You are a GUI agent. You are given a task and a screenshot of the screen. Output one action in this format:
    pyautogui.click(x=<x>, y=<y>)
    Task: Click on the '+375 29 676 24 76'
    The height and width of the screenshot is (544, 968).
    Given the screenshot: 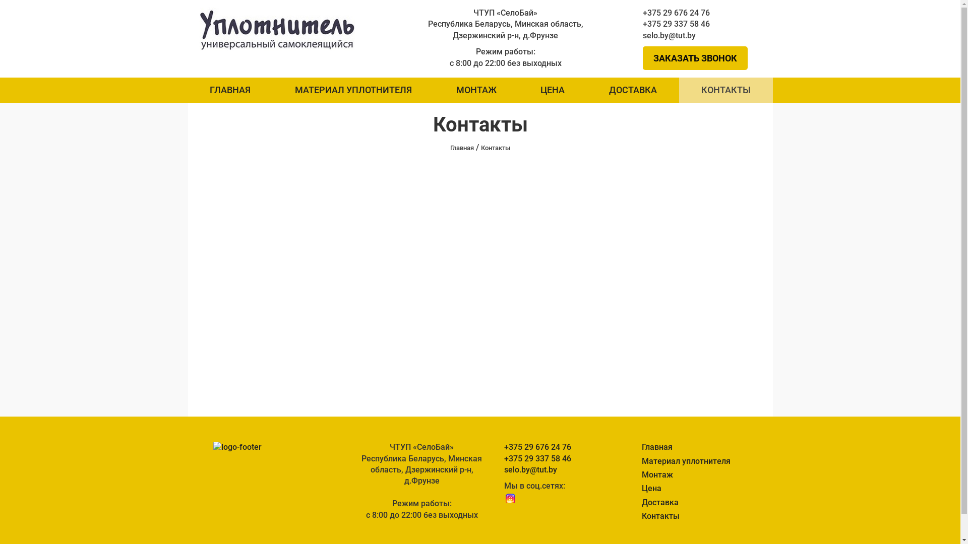 What is the action you would take?
    pyautogui.click(x=554, y=446)
    